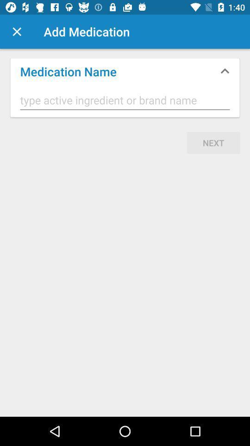 The image size is (250, 446). What do you see at coordinates (17, 32) in the screenshot?
I see `button` at bounding box center [17, 32].